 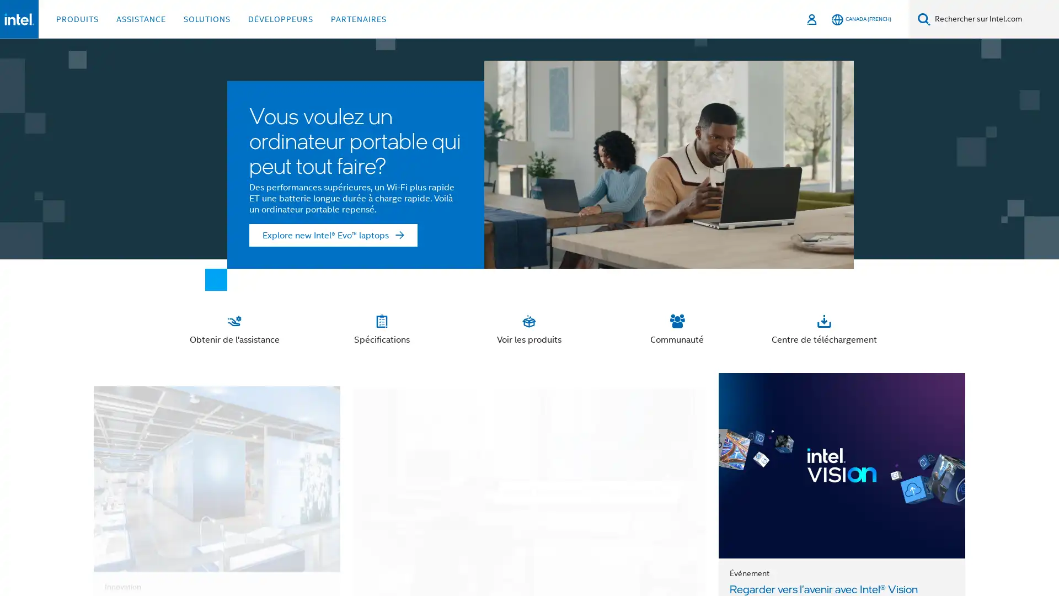 I want to click on Canada (French), so click(x=860, y=19).